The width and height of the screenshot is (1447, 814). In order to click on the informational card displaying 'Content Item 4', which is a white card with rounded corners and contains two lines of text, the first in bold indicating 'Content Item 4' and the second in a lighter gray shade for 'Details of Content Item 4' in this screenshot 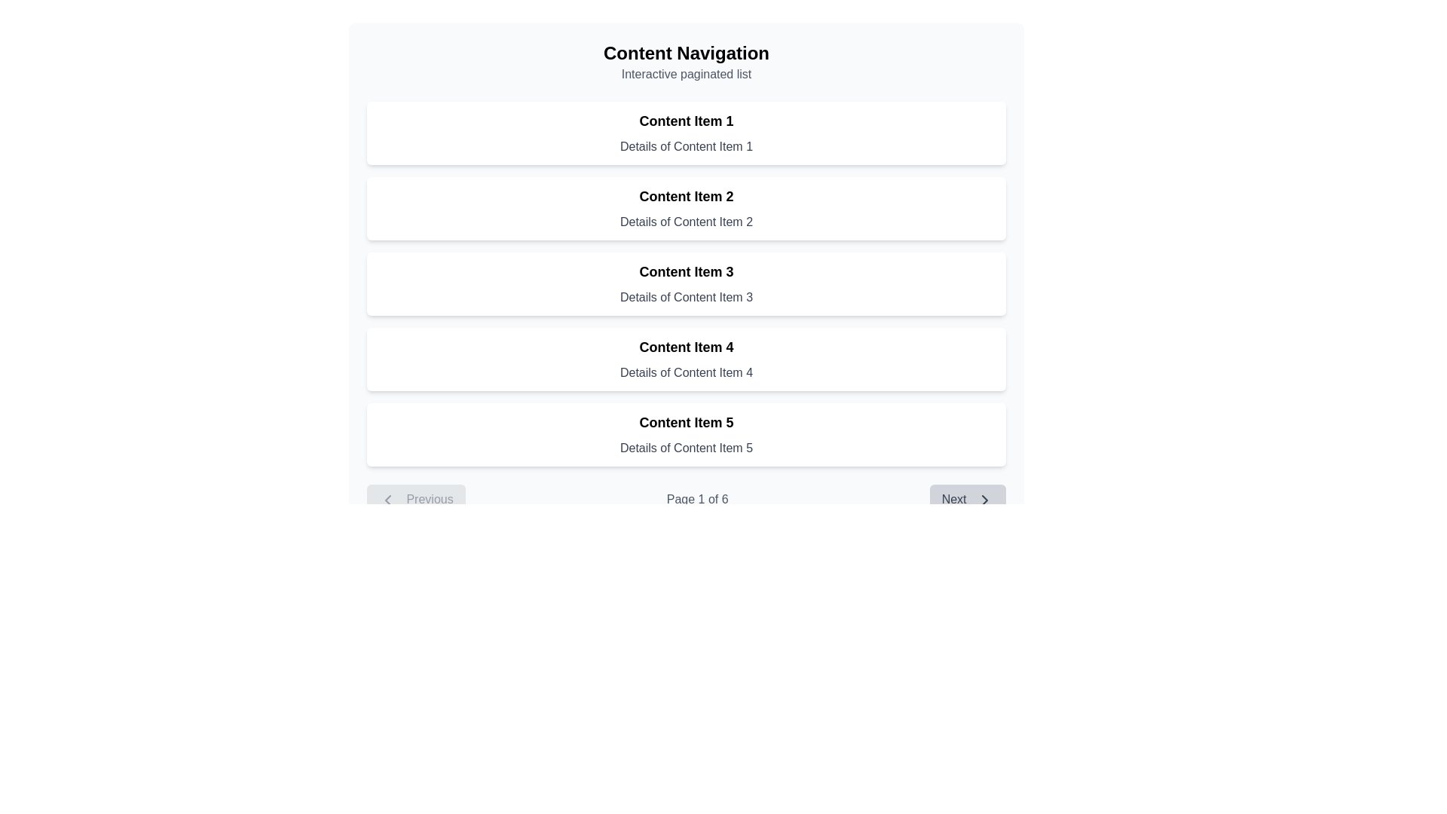, I will do `click(686, 360)`.